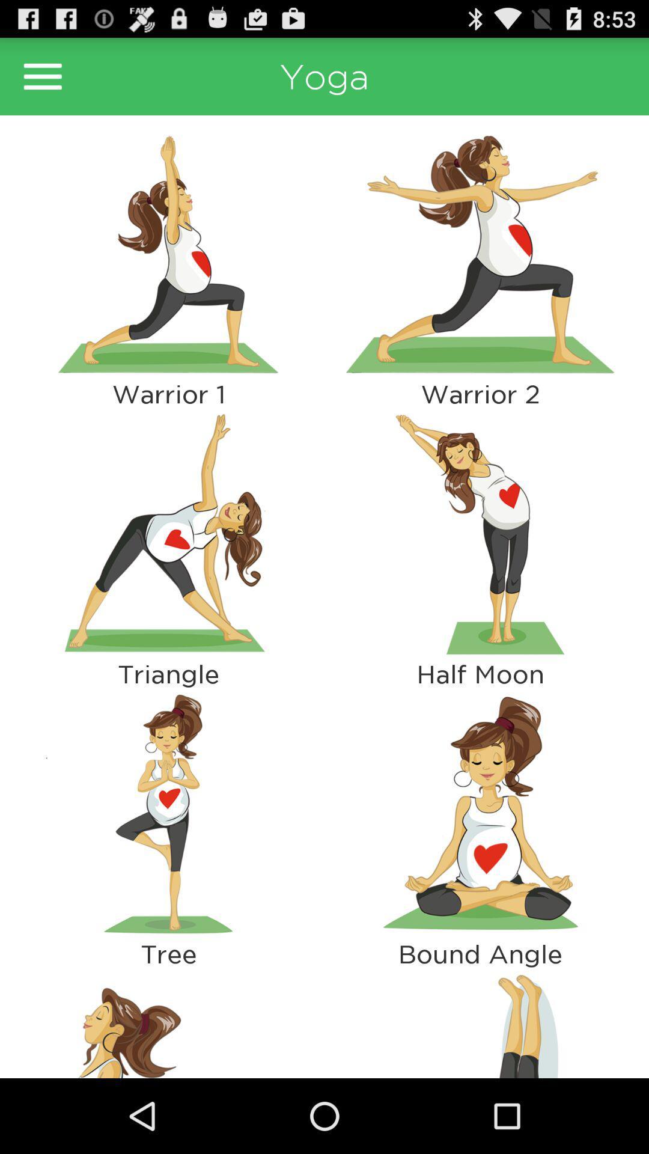 Image resolution: width=649 pixels, height=1154 pixels. I want to click on the app next to warrior 2 item, so click(168, 533).